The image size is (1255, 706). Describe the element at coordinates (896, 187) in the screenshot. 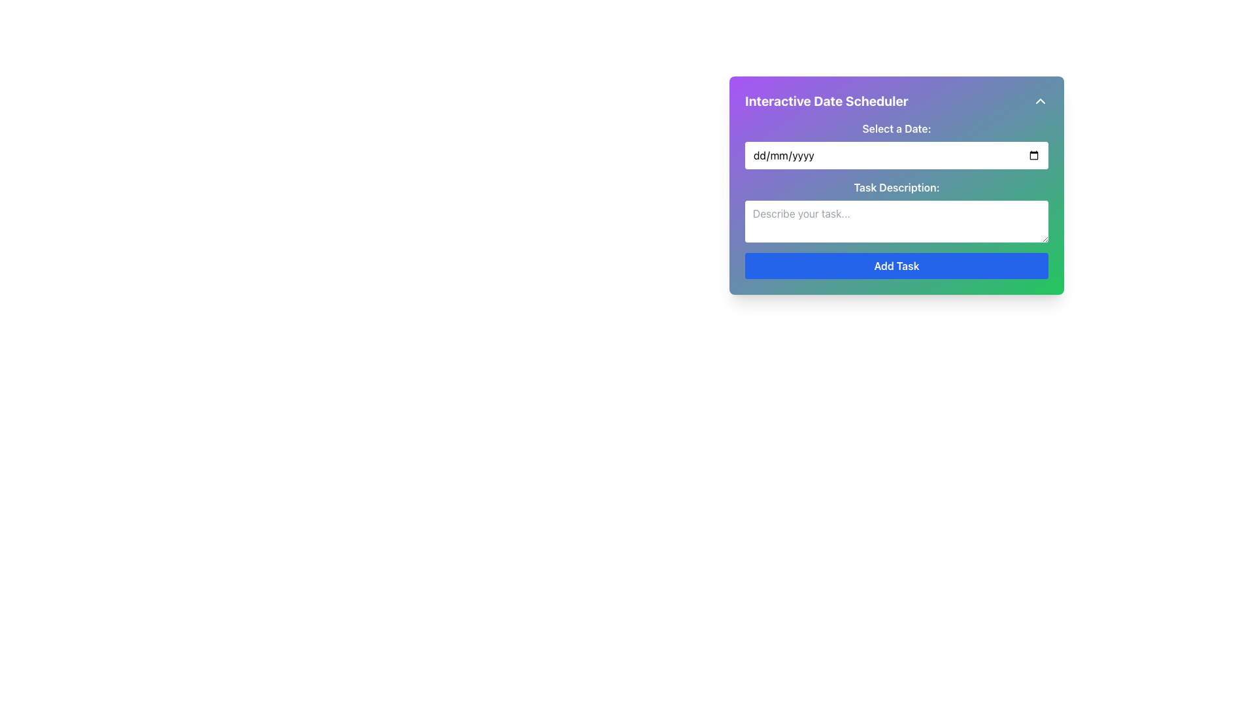

I see `the label that serves as a descriptor for the adjacent text input field for task description` at that location.